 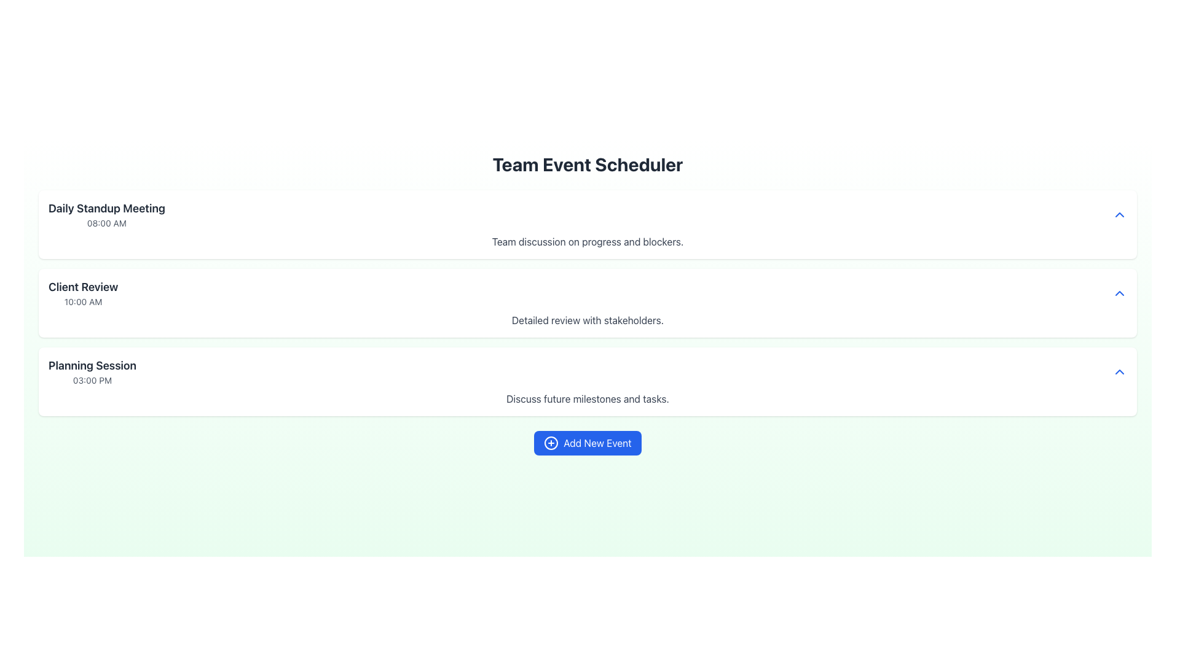 What do you see at coordinates (92, 380) in the screenshot?
I see `the text element displaying '03:00 PM' in the 'Planning Session' section, which is styled in subdued gray and smaller font size` at bounding box center [92, 380].